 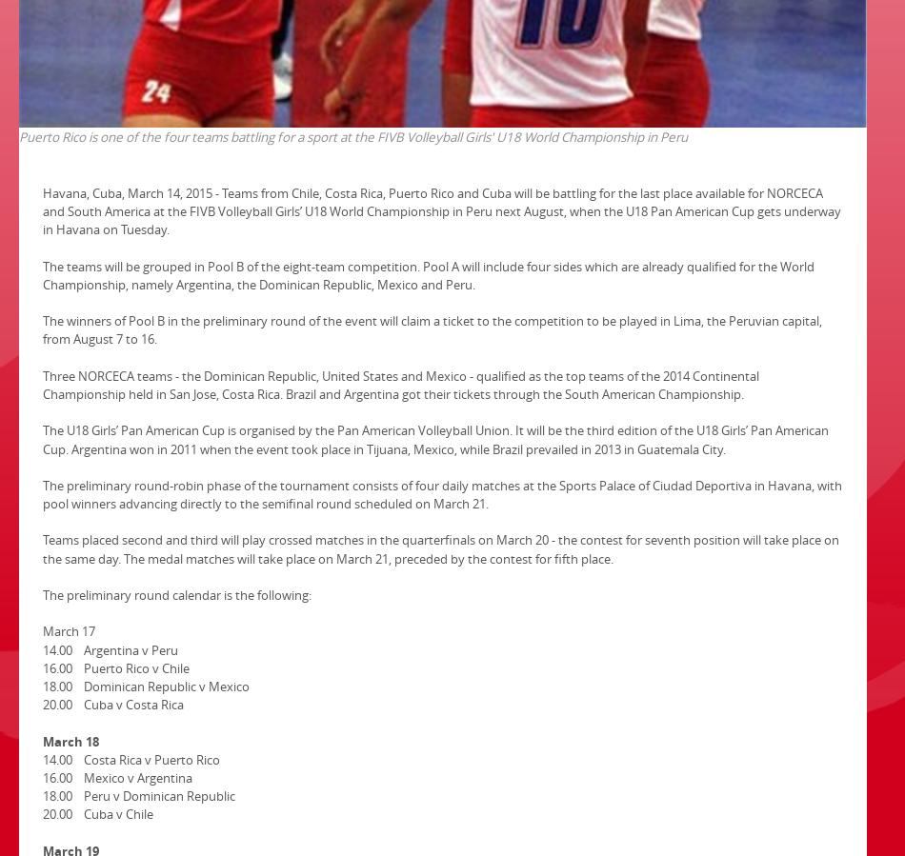 What do you see at coordinates (43, 630) in the screenshot?
I see `'March 17'` at bounding box center [43, 630].